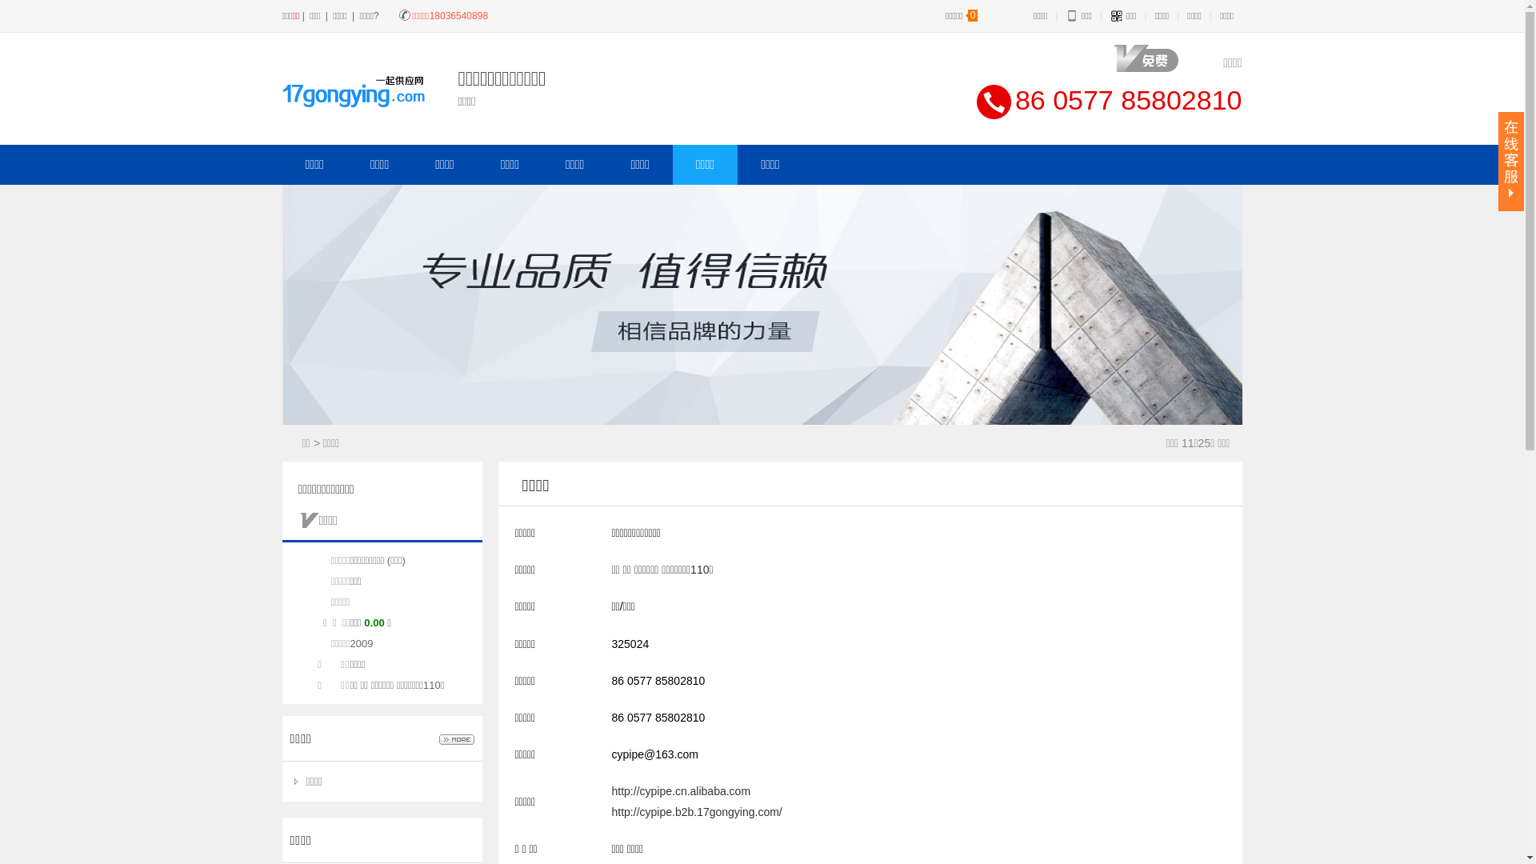 This screenshot has height=864, width=1536. Describe the element at coordinates (696, 811) in the screenshot. I see `'http://cypipe.b2b.17gongying.com/'` at that location.